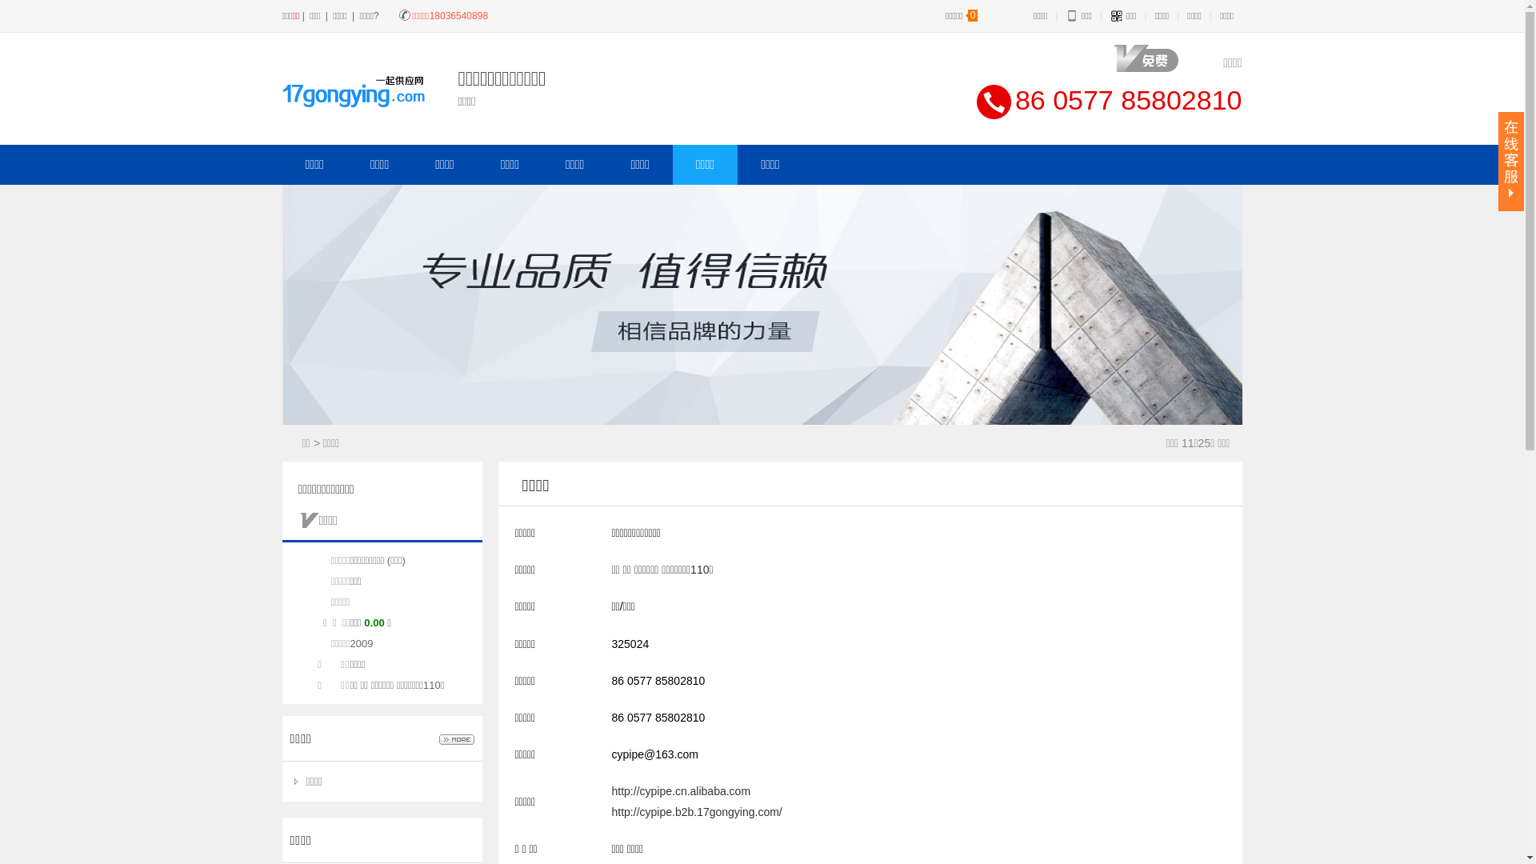 This screenshot has height=864, width=1536. Describe the element at coordinates (696, 811) in the screenshot. I see `'http://cypipe.b2b.17gongying.com/'` at that location.